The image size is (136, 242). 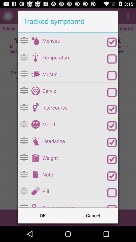 What do you see at coordinates (75, 141) in the screenshot?
I see `headache app` at bounding box center [75, 141].